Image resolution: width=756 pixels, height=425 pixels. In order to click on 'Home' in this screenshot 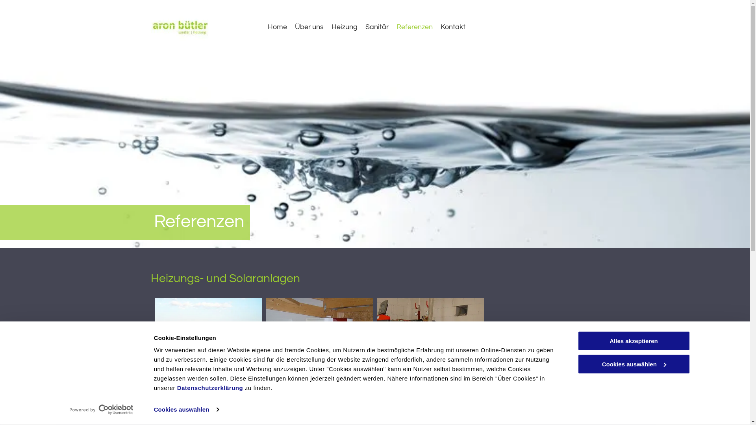, I will do `click(268, 26)`.